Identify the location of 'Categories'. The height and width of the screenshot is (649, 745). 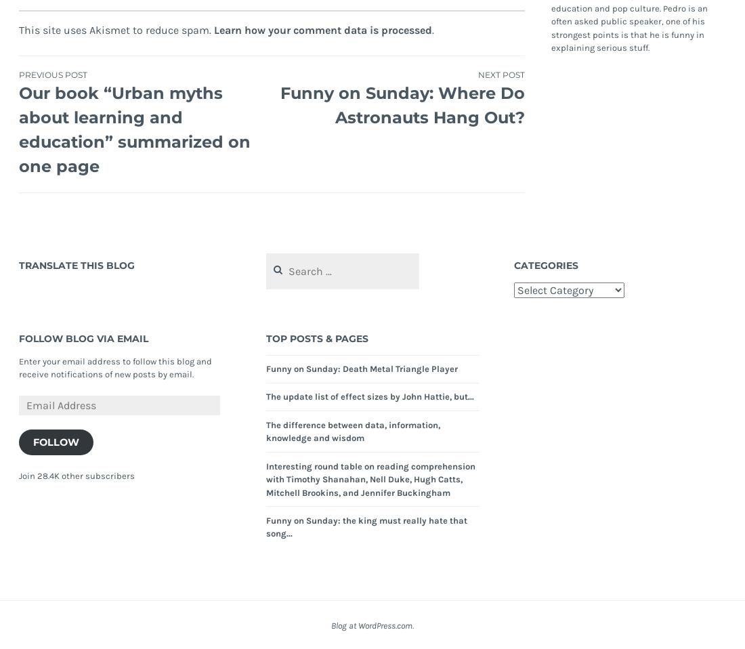
(546, 265).